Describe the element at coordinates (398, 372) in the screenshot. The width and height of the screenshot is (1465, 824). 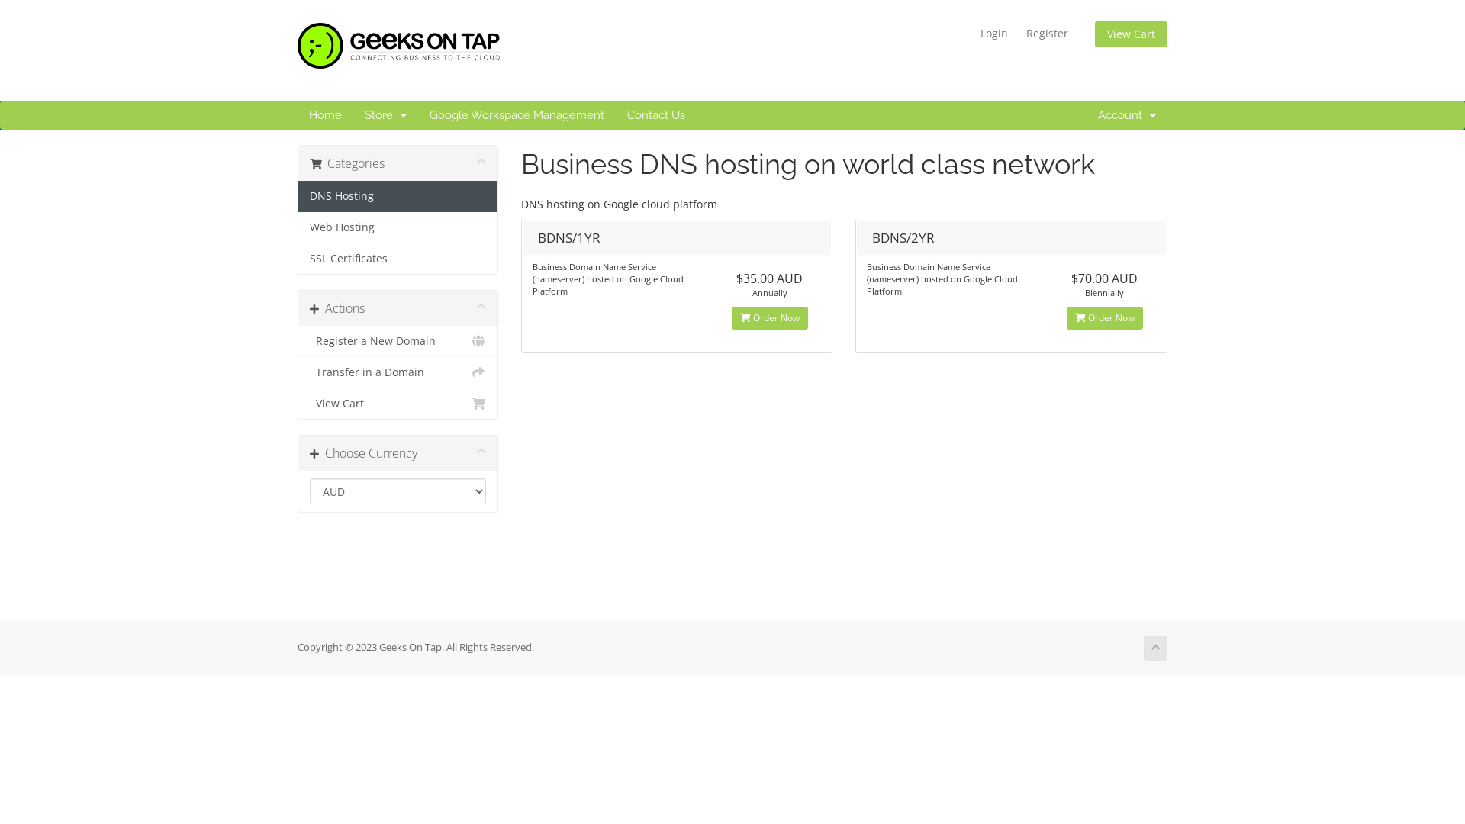
I see `'  Transfer in a Domain'` at that location.